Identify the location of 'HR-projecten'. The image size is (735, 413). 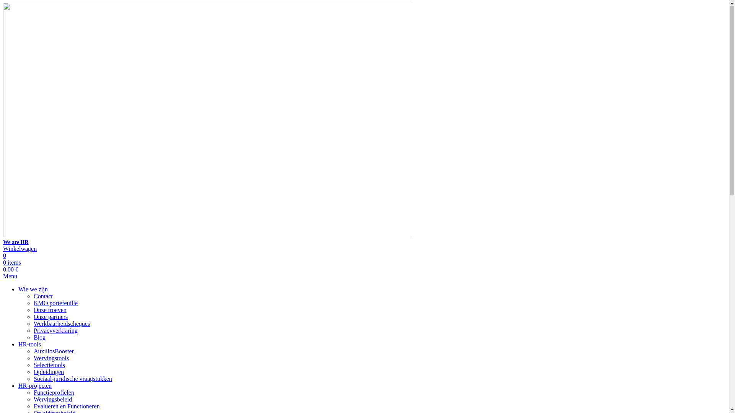
(34, 386).